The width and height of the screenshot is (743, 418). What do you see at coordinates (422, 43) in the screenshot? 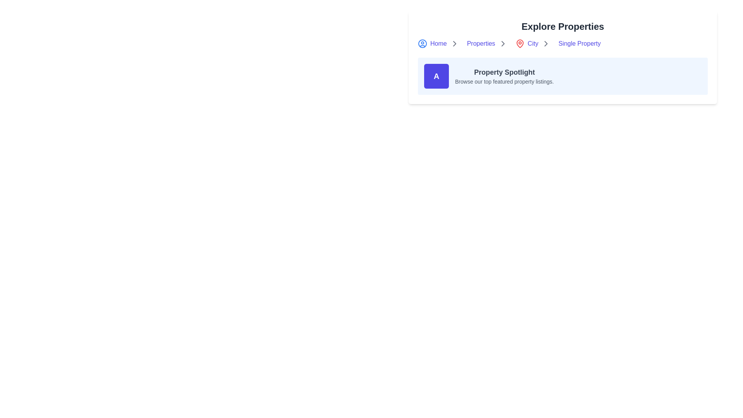
I see `the round user icon with a blue outline located in the navigation breadcrumb area at the top-left region of the page, which appears as the first icon preceding the 'Home' link` at bounding box center [422, 43].